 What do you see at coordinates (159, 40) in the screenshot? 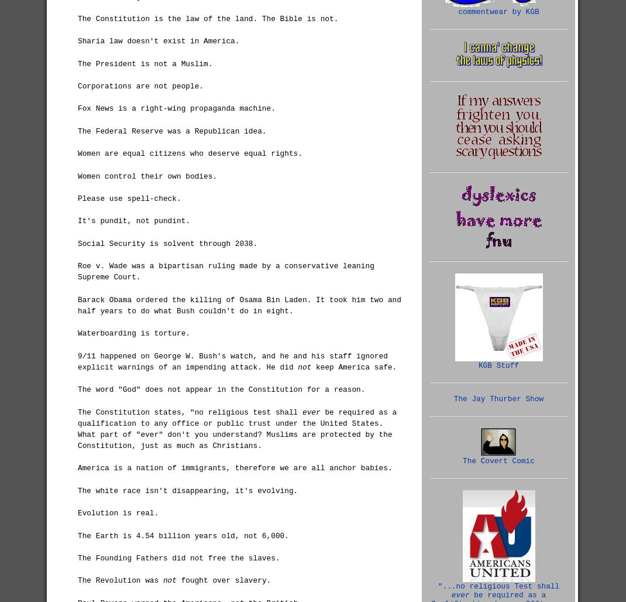
I see `'Sharia law doesn't exist in America.'` at bounding box center [159, 40].